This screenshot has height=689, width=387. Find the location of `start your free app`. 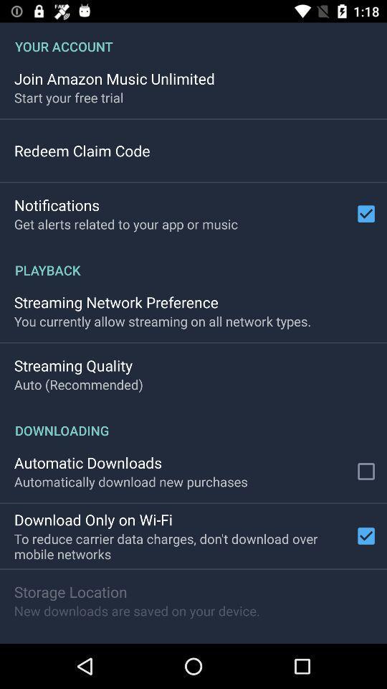

start your free app is located at coordinates (68, 97).